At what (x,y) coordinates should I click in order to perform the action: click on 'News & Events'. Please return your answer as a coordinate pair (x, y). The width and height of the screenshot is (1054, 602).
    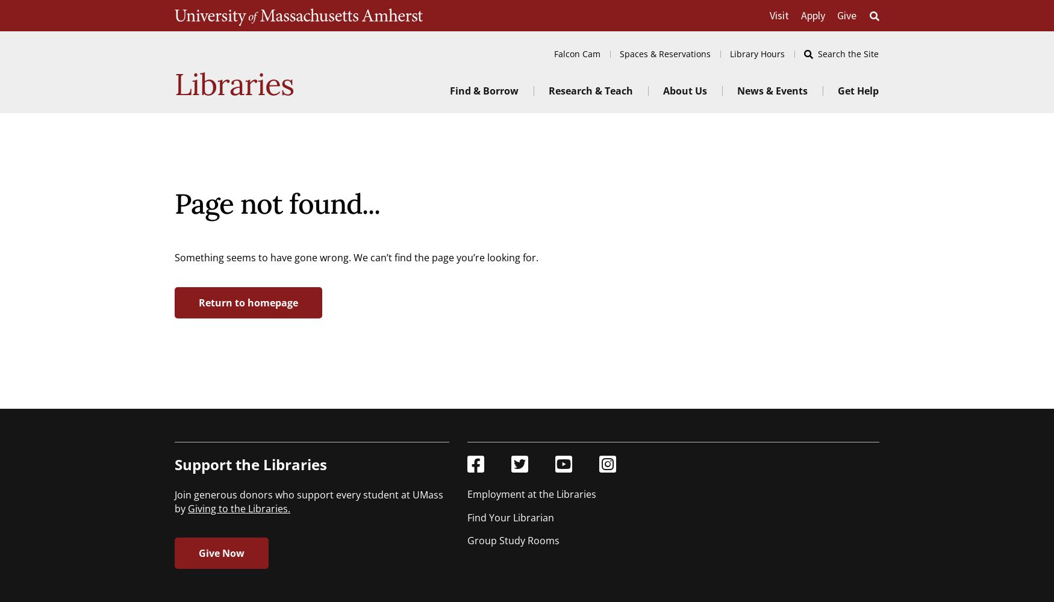
    Looking at the image, I should click on (737, 90).